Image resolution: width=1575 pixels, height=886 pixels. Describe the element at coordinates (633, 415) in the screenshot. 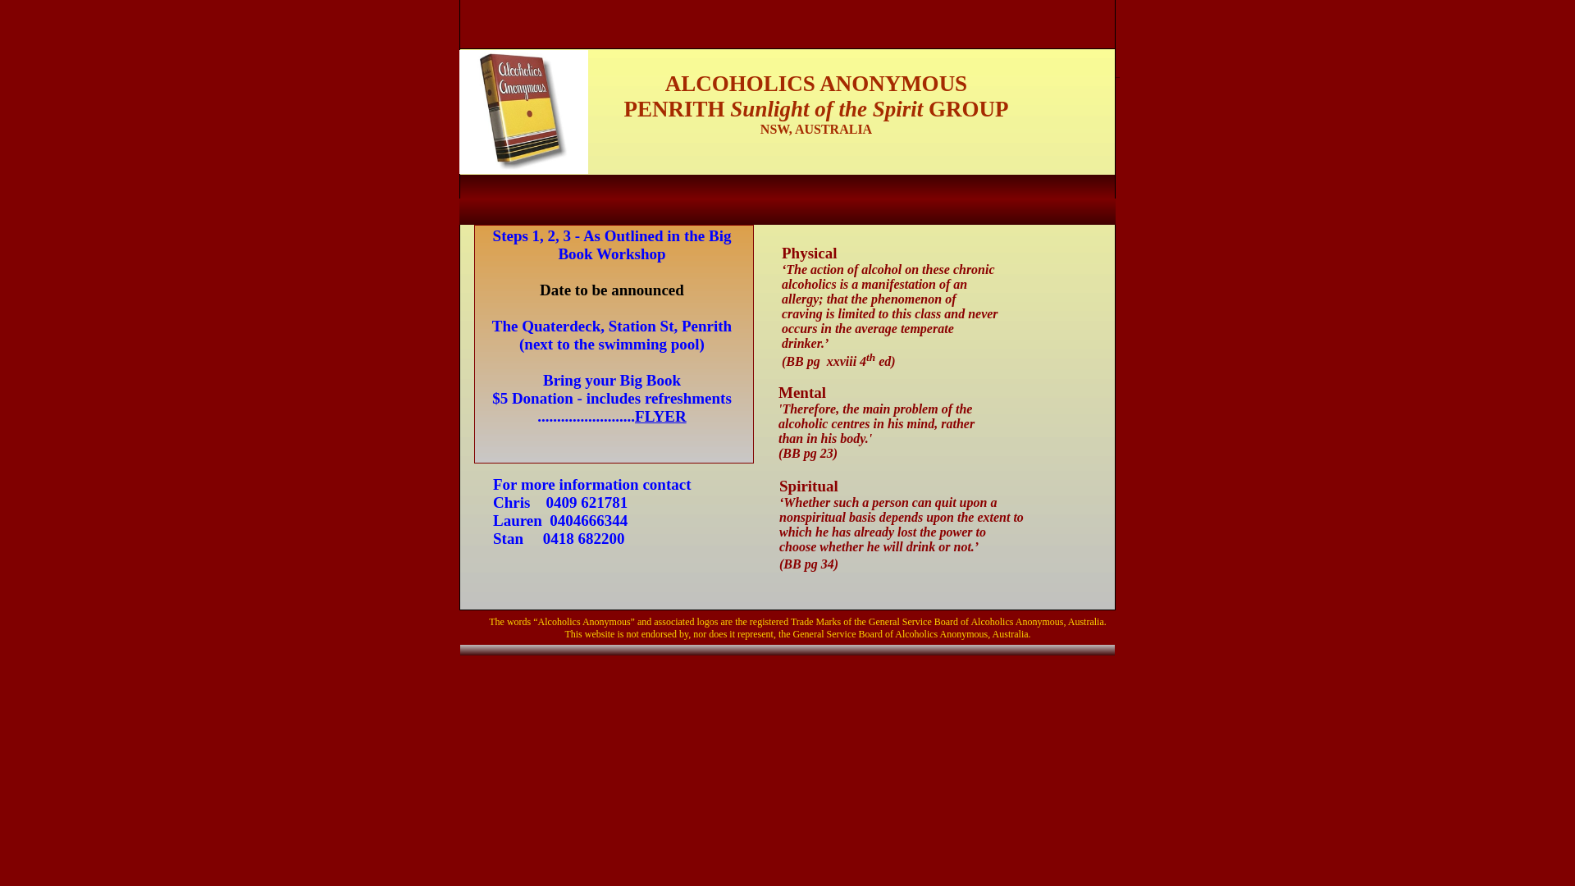

I see `'FLYER'` at that location.